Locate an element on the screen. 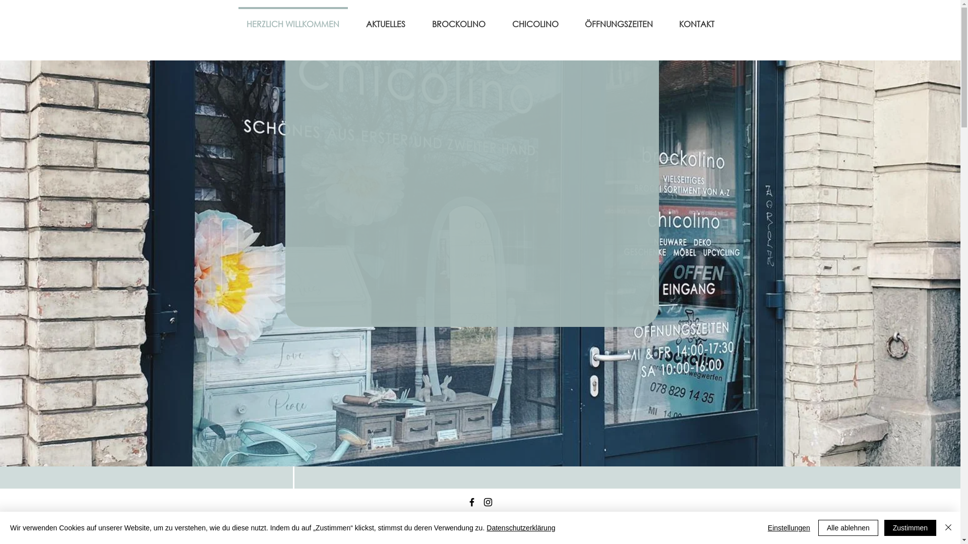  'Zustimmen' is located at coordinates (910, 527).